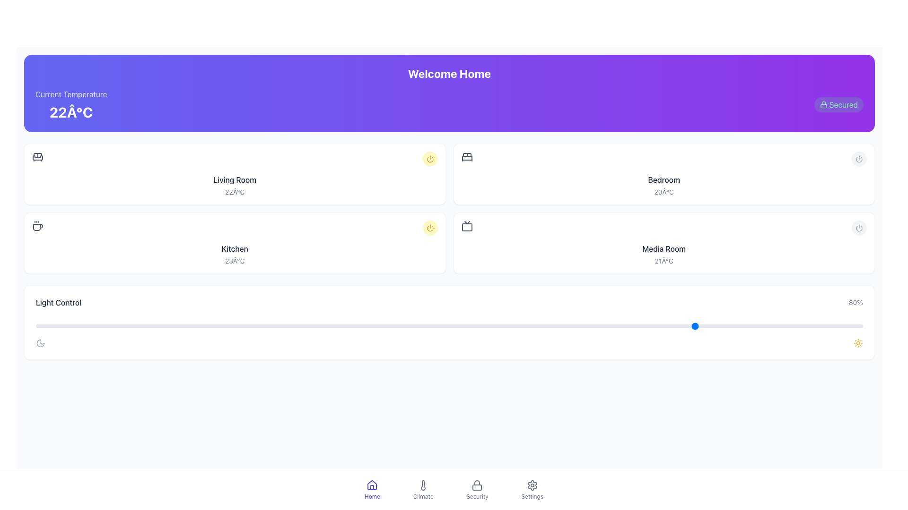  I want to click on top portion of the padlock icon located in the top-right corner of the header section, which signifies security or access control functionality, so click(477, 483).